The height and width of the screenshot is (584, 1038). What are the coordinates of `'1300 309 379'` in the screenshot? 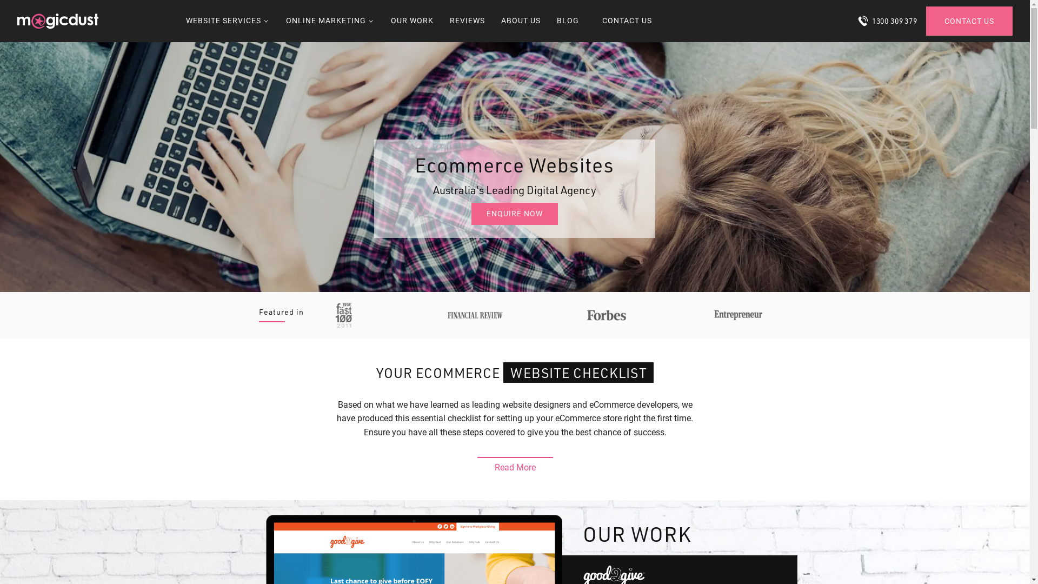 It's located at (887, 21).